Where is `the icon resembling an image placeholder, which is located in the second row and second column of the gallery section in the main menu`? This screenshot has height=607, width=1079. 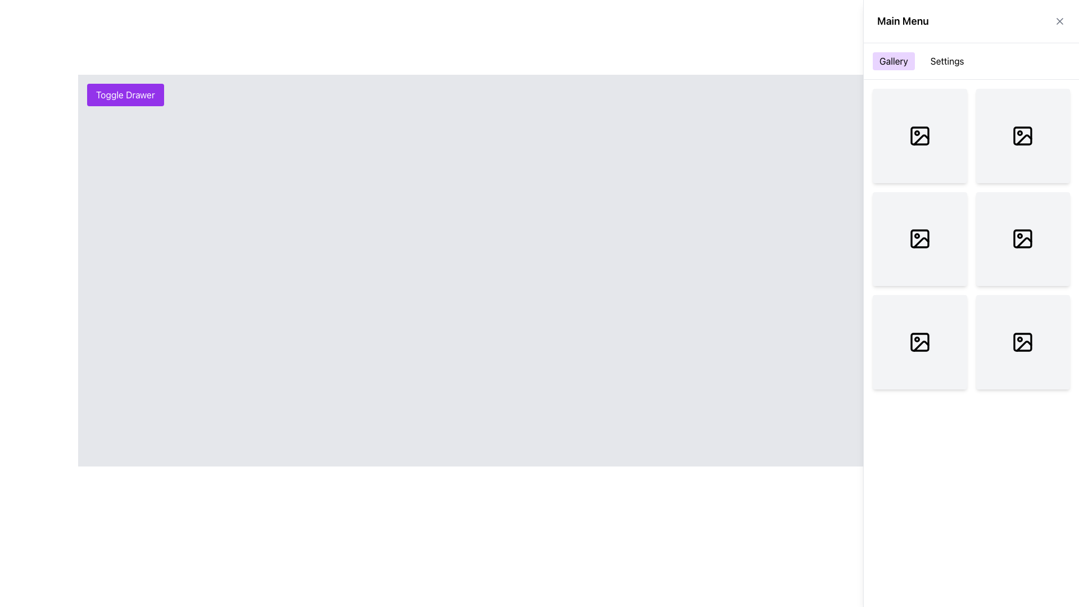 the icon resembling an image placeholder, which is located in the second row and second column of the gallery section in the main menu is located at coordinates (1023, 135).